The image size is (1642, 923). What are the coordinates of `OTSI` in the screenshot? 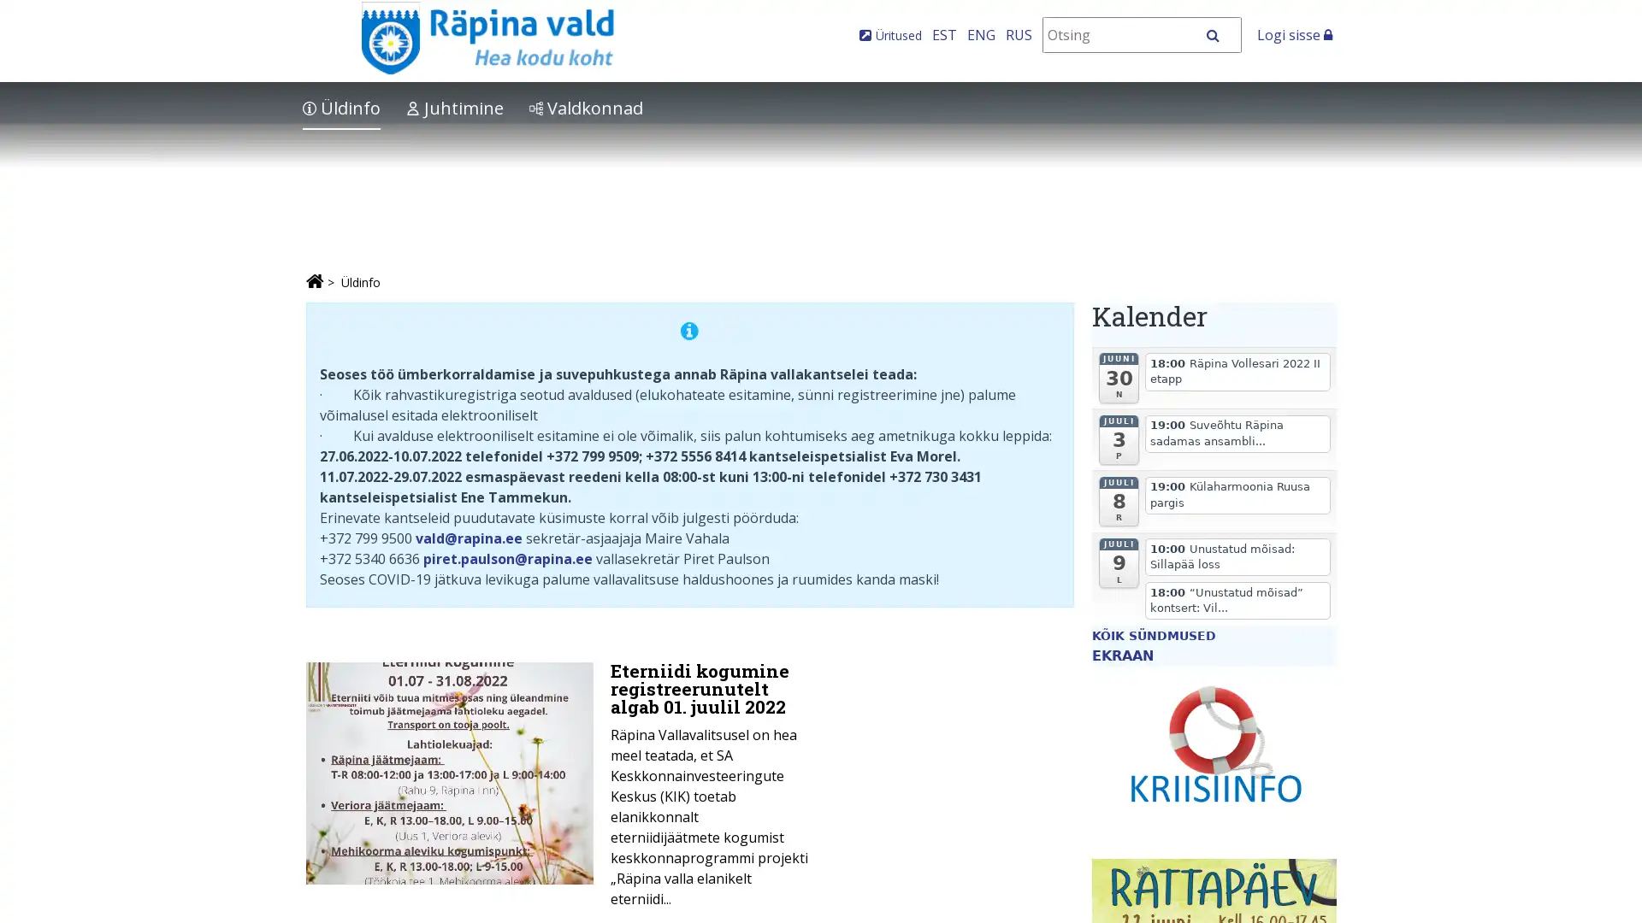 It's located at (1221, 35).